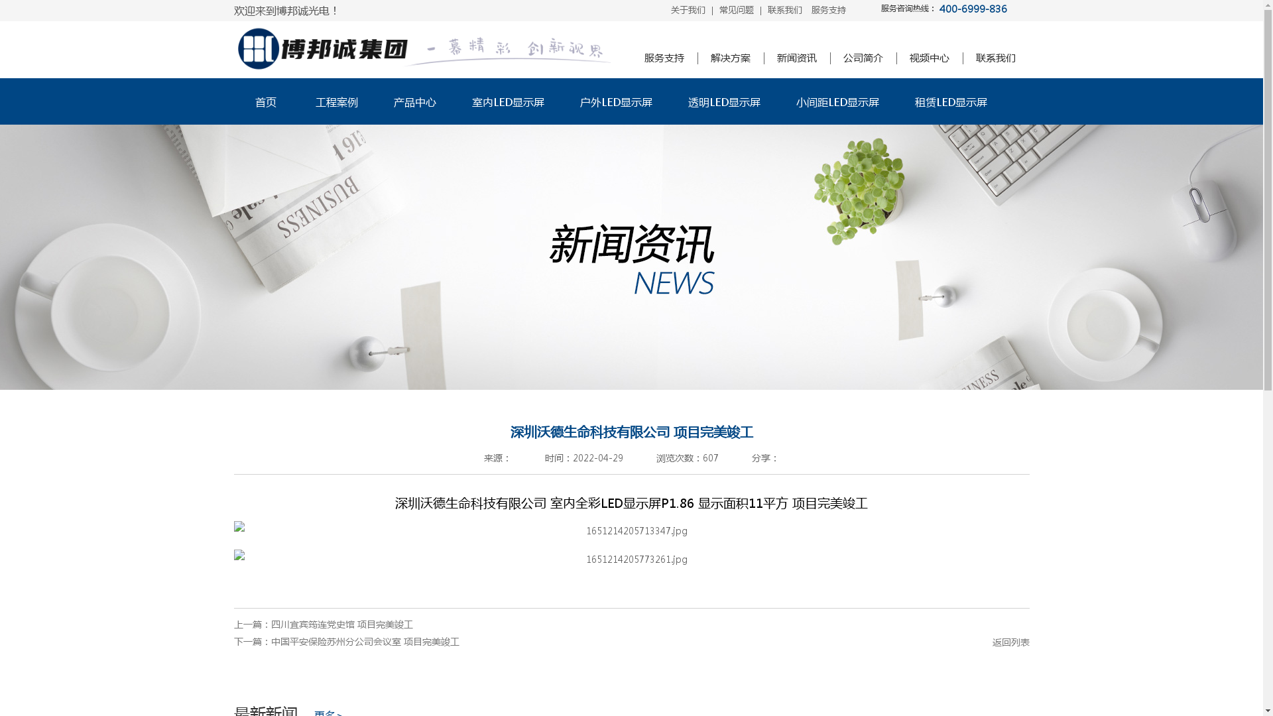 The image size is (1273, 716). What do you see at coordinates (630, 559) in the screenshot?
I see `'1652404833573119.jpg'` at bounding box center [630, 559].